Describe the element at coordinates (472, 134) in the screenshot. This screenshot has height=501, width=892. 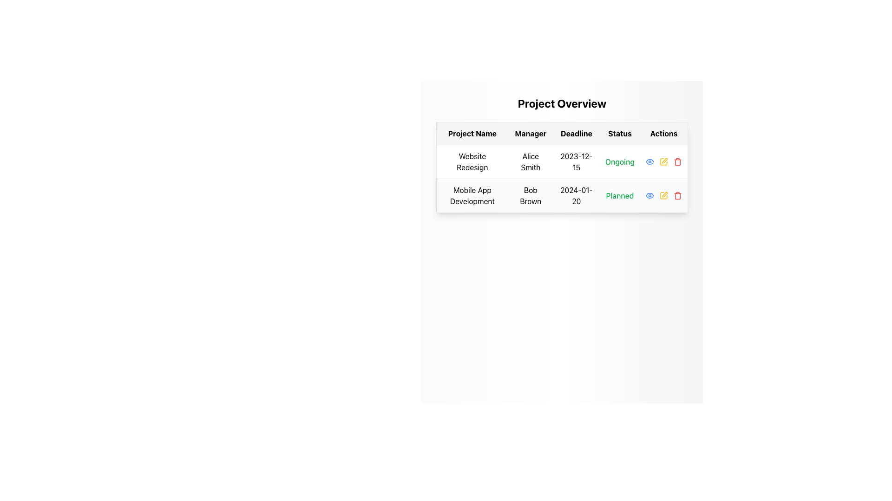
I see `the 'Project Name' text header, which is the first column in a tabular layout, displaying the text in bold and aligned at the top-left with substantial padding and a light background` at that location.